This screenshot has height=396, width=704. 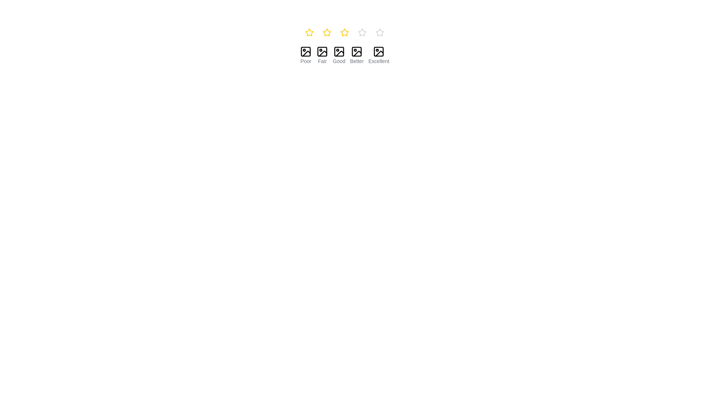 I want to click on the triangular visual icon located at the bottom right corner of the 'Excellent' rating panel, so click(x=379, y=53).